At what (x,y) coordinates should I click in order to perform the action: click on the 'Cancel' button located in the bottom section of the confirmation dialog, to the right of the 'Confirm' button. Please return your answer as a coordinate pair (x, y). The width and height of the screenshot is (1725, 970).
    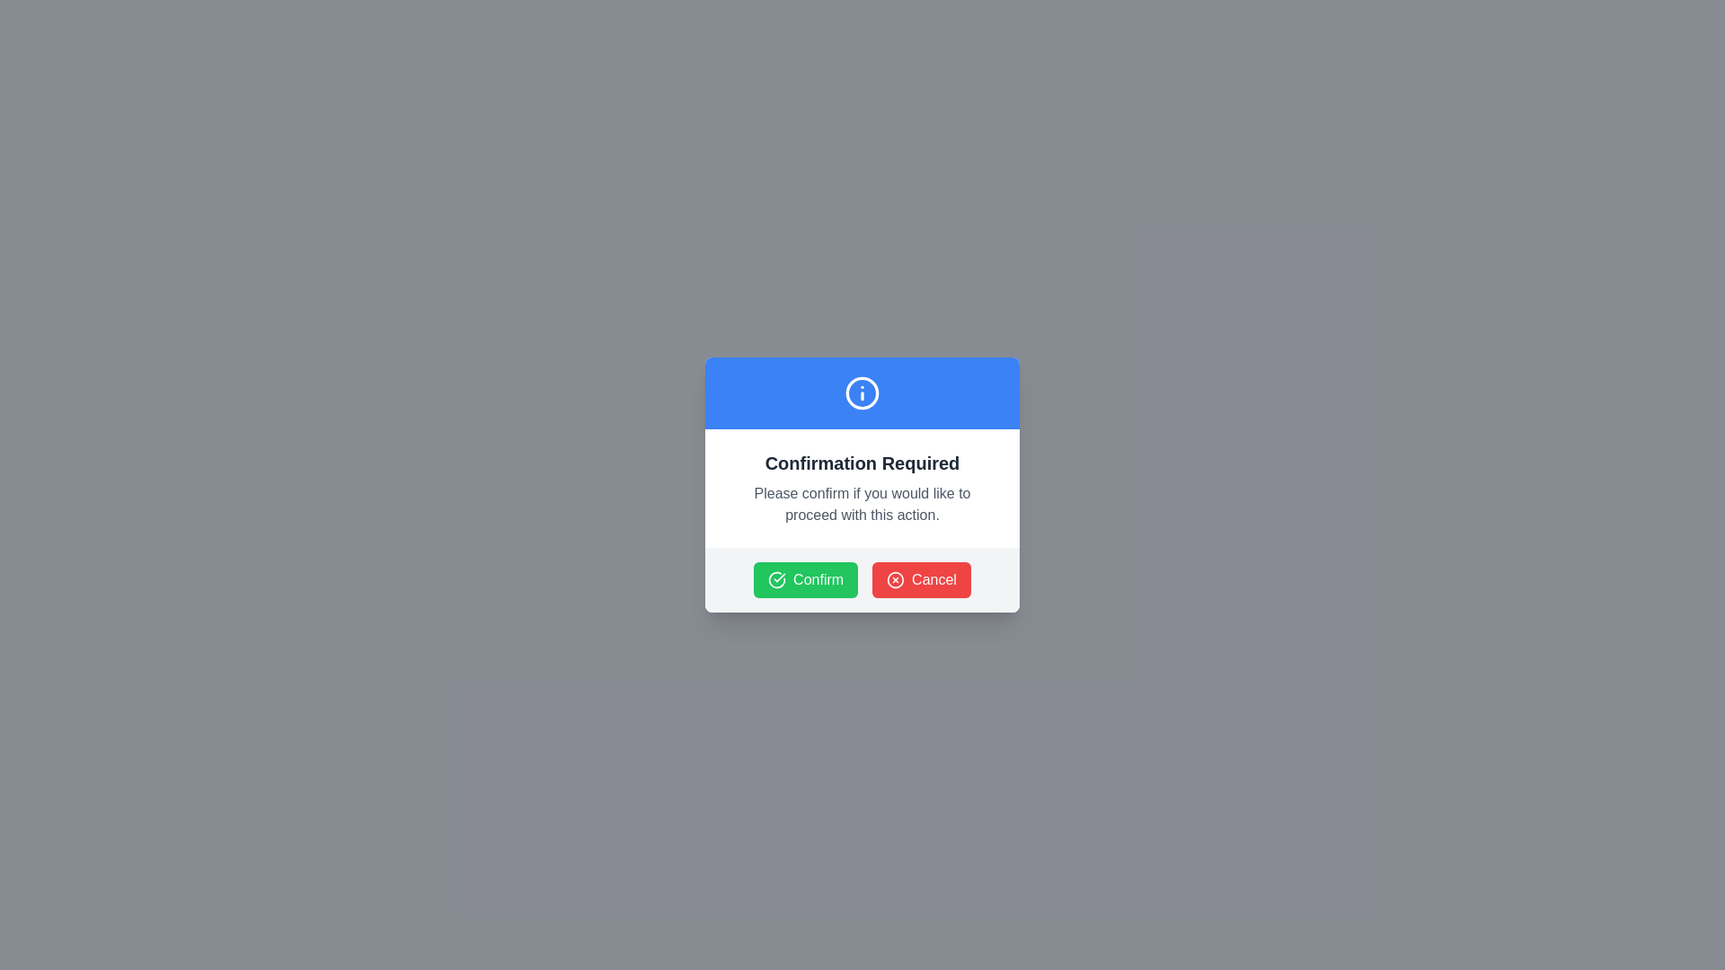
    Looking at the image, I should click on (922, 579).